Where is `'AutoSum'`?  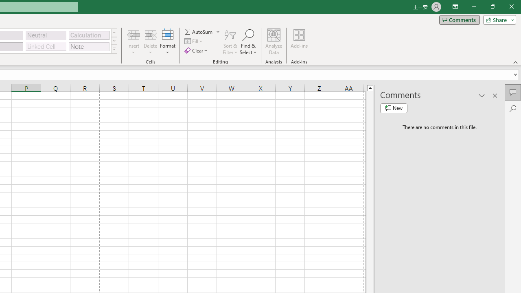
'AutoSum' is located at coordinates (202, 31).